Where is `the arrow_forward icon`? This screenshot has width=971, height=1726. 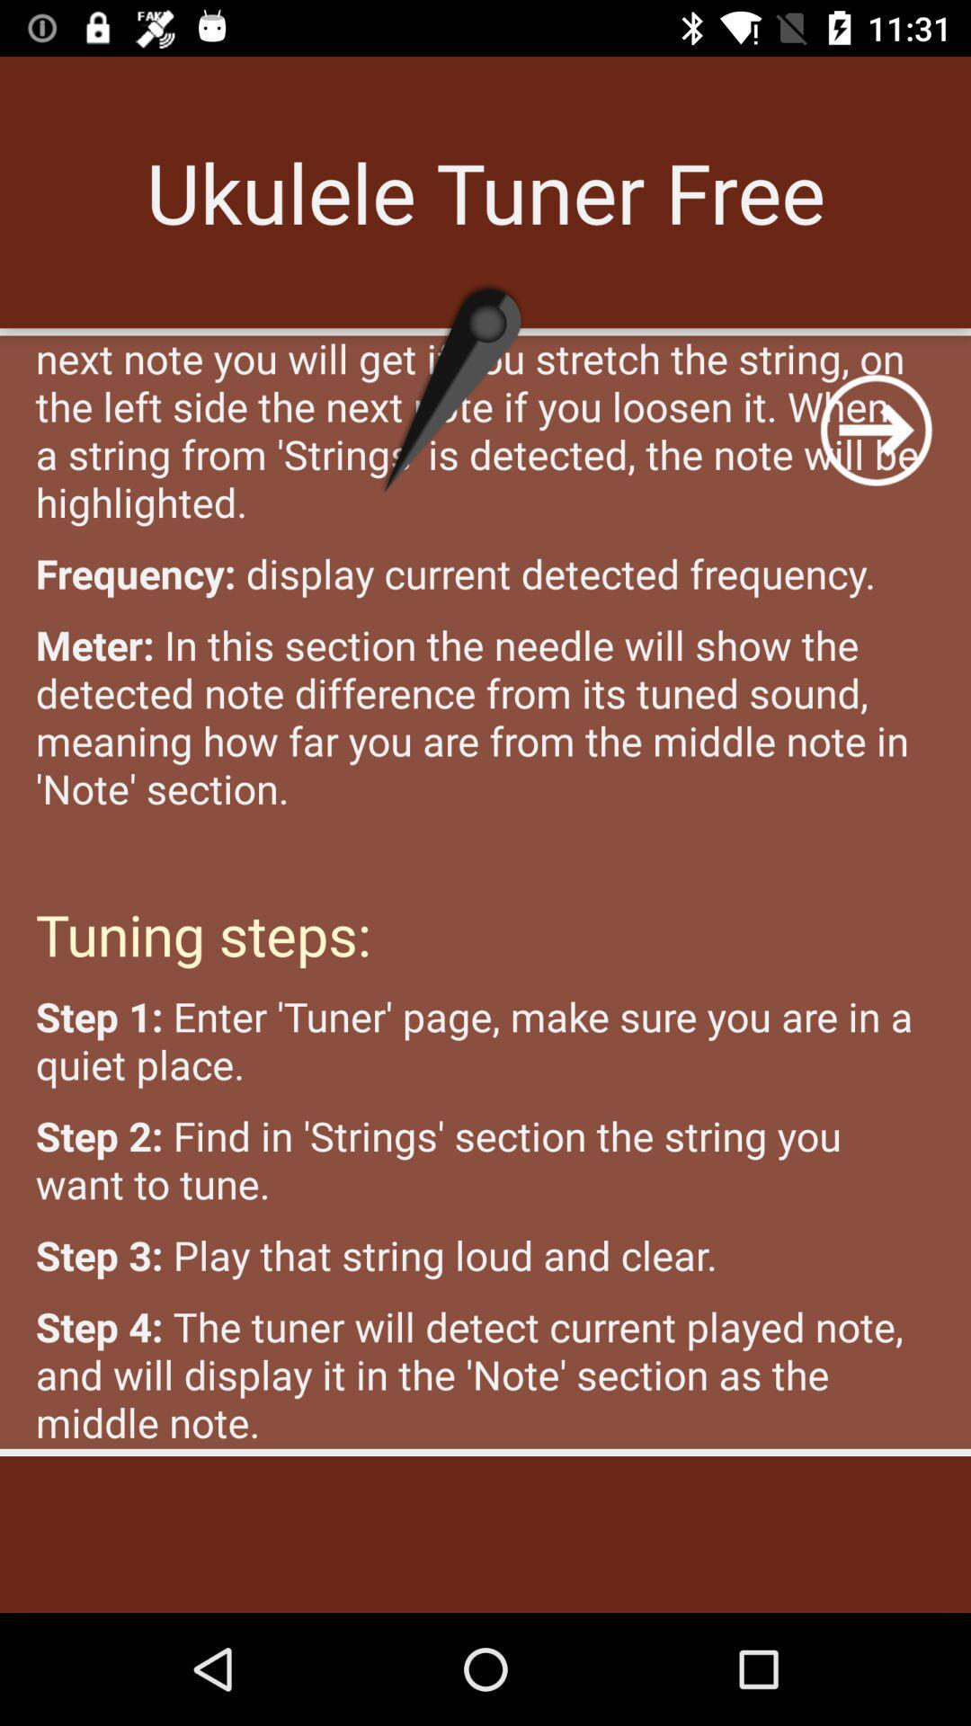 the arrow_forward icon is located at coordinates (875, 429).